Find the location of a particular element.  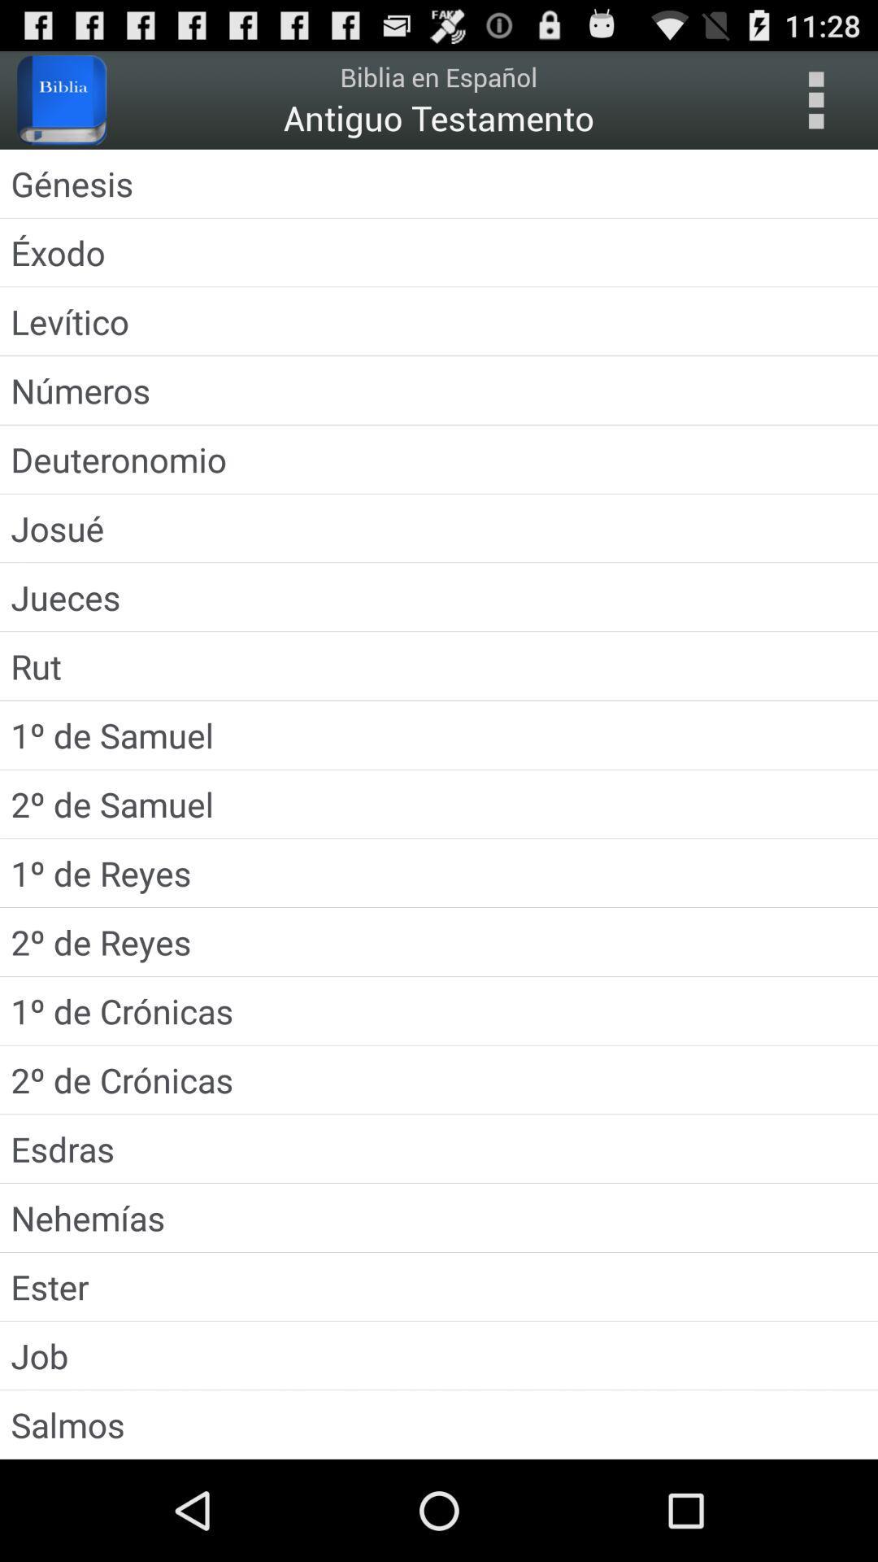

the book icon is located at coordinates (61, 107).